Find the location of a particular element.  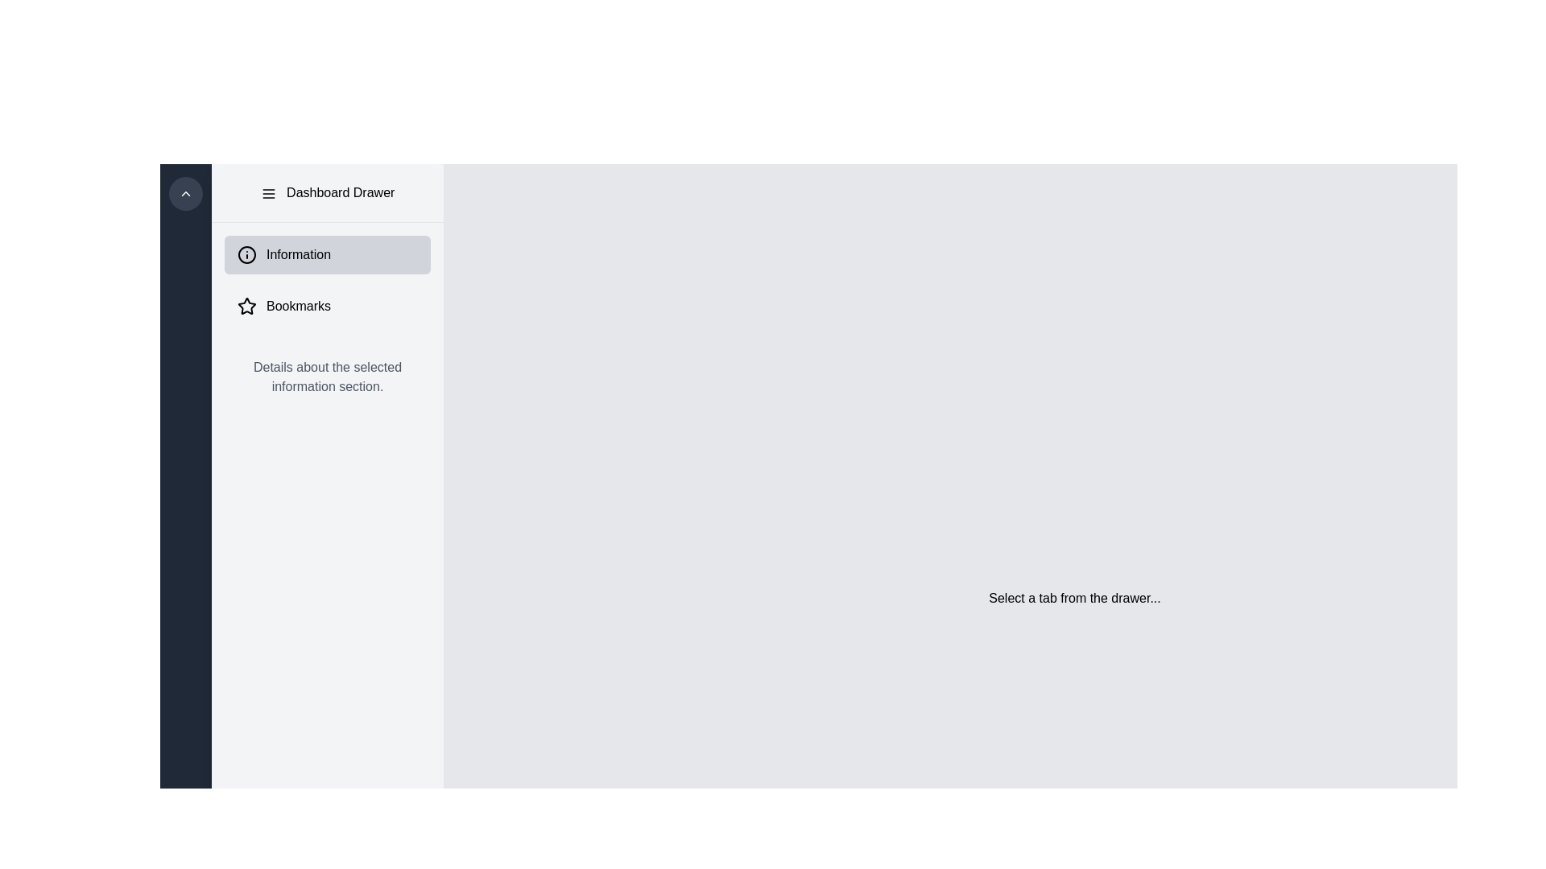

the 'Information' button located in the sidebar above the 'Bookmarks' element is located at coordinates (327, 253).